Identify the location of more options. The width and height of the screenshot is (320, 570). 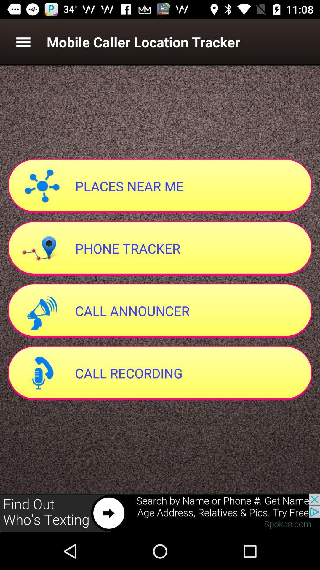
(23, 42).